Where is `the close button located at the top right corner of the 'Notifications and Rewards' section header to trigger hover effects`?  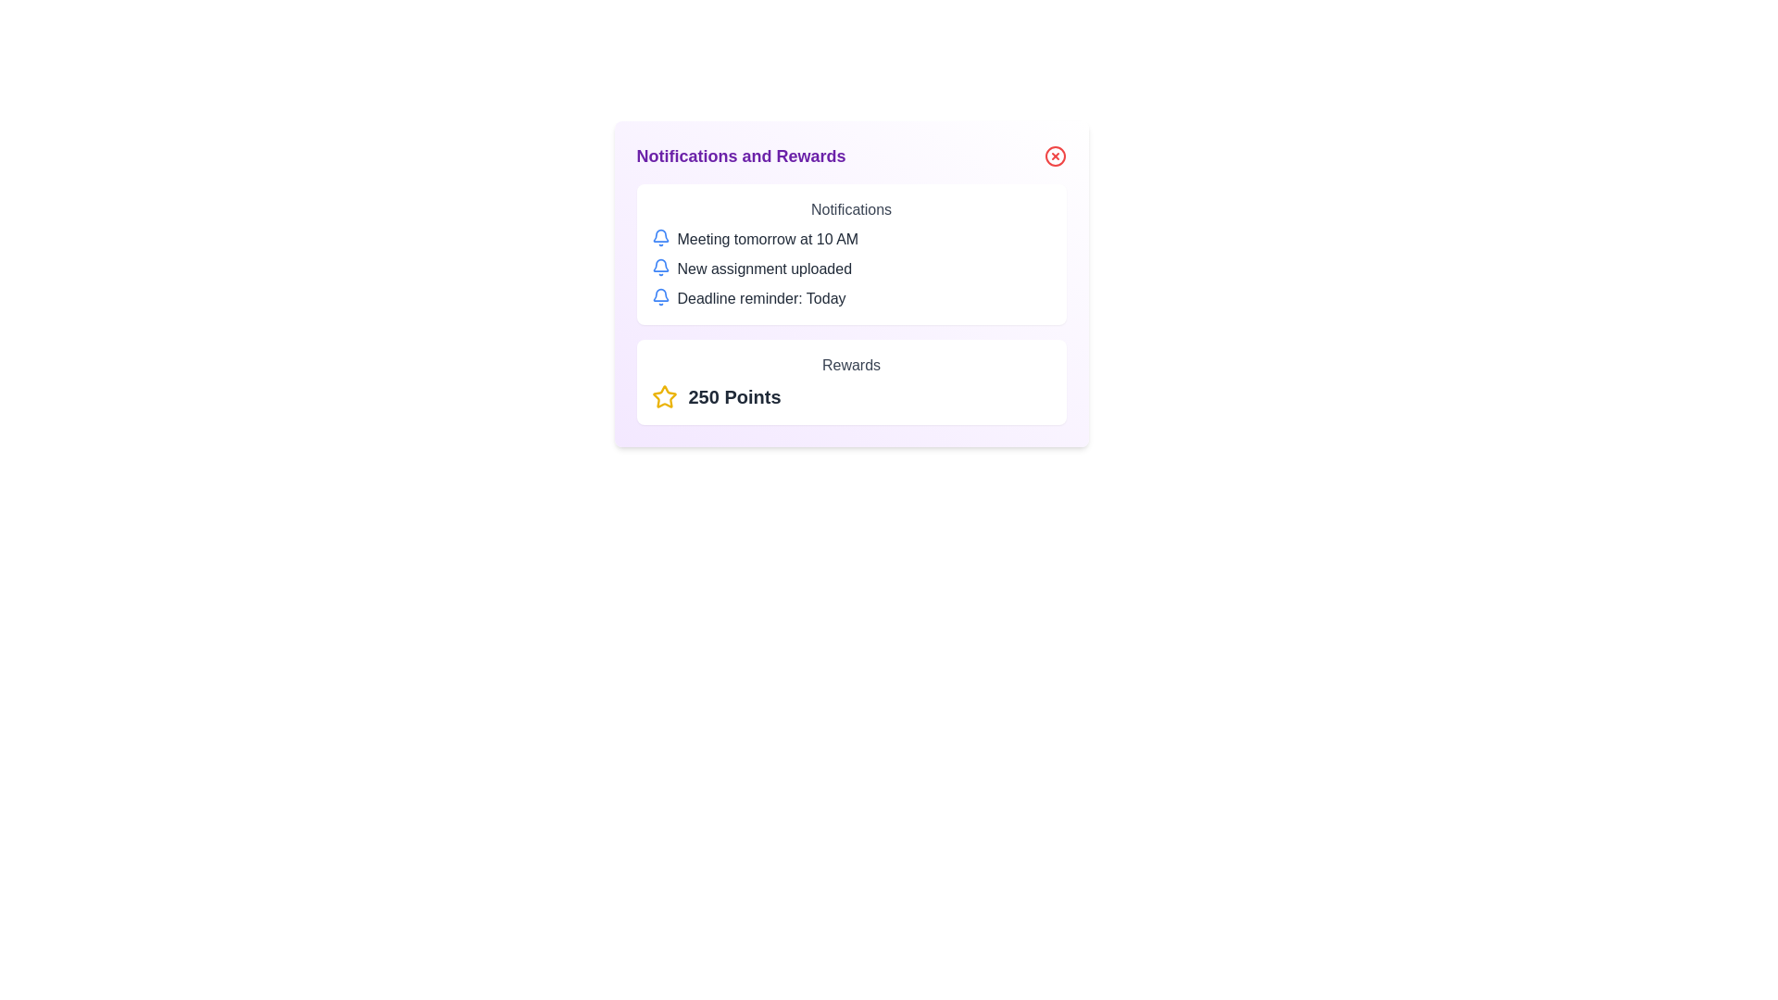 the close button located at the top right corner of the 'Notifications and Rewards' section header to trigger hover effects is located at coordinates (1055, 156).